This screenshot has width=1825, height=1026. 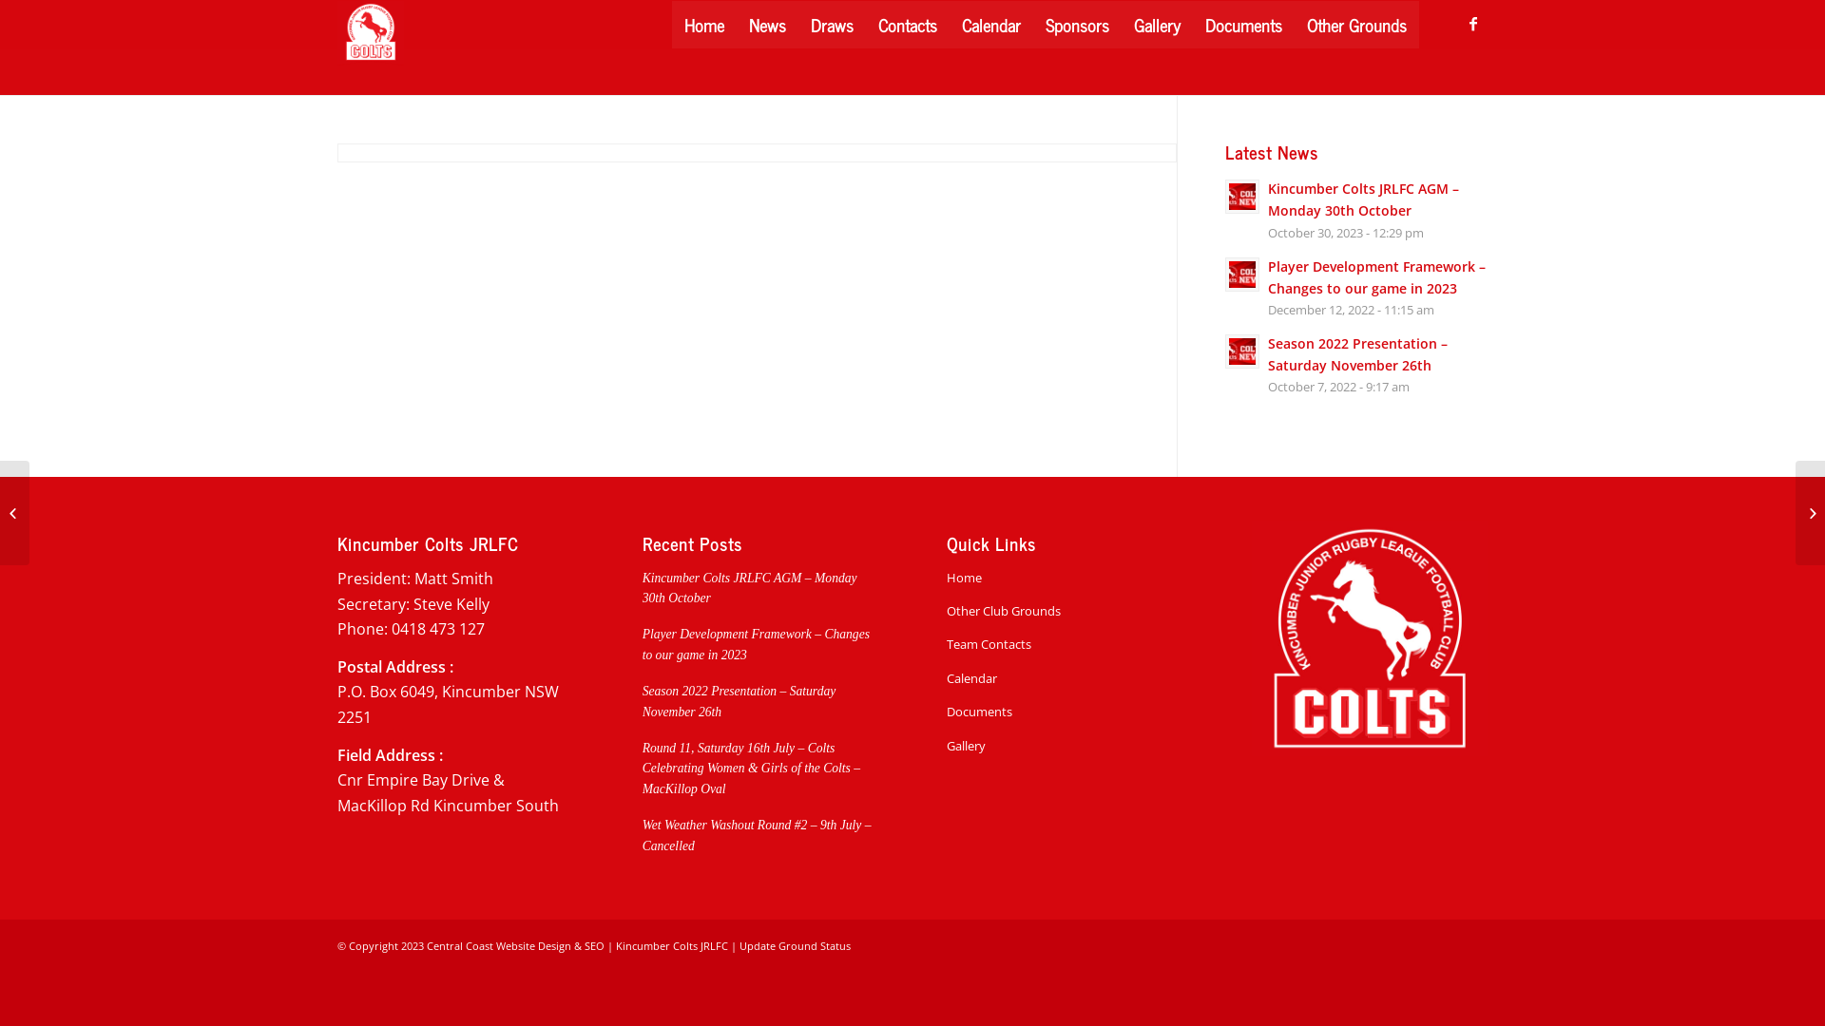 What do you see at coordinates (907, 25) in the screenshot?
I see `'Contacts'` at bounding box center [907, 25].